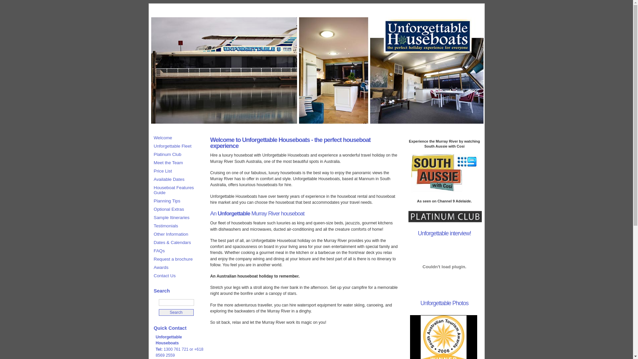 This screenshot has height=359, width=638. What do you see at coordinates (177, 217) in the screenshot?
I see `'Sample Itineraries'` at bounding box center [177, 217].